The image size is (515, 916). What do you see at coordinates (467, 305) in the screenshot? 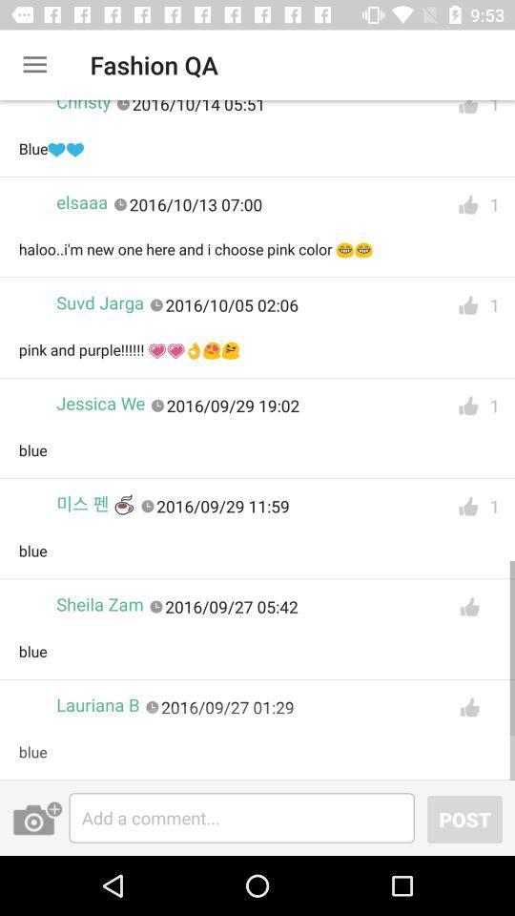
I see `gives a like` at bounding box center [467, 305].